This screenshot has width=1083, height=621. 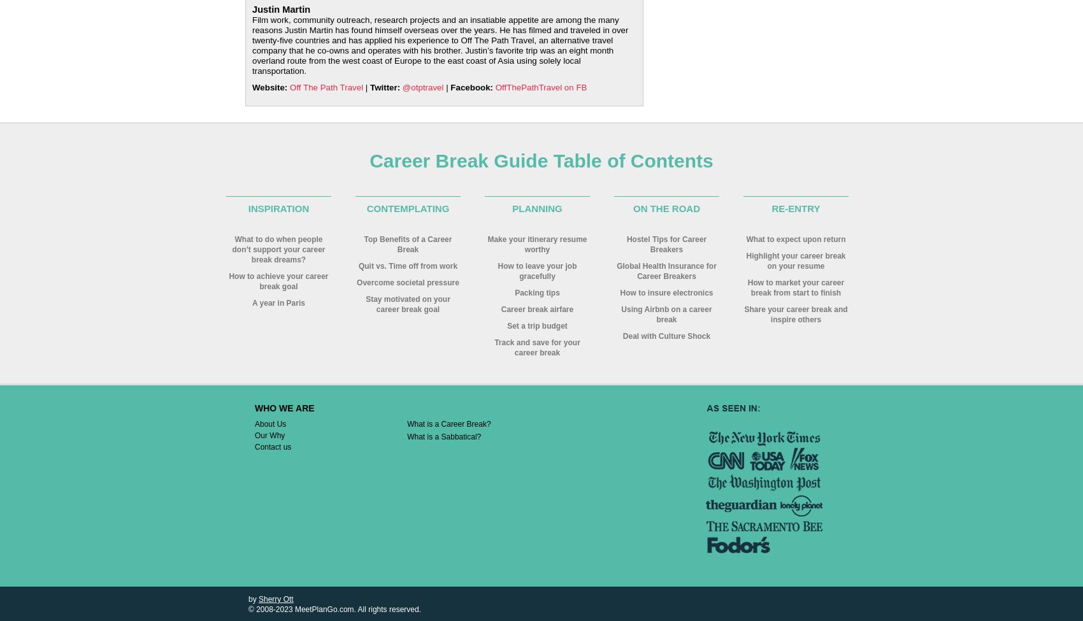 What do you see at coordinates (471, 87) in the screenshot?
I see `'Facebook:'` at bounding box center [471, 87].